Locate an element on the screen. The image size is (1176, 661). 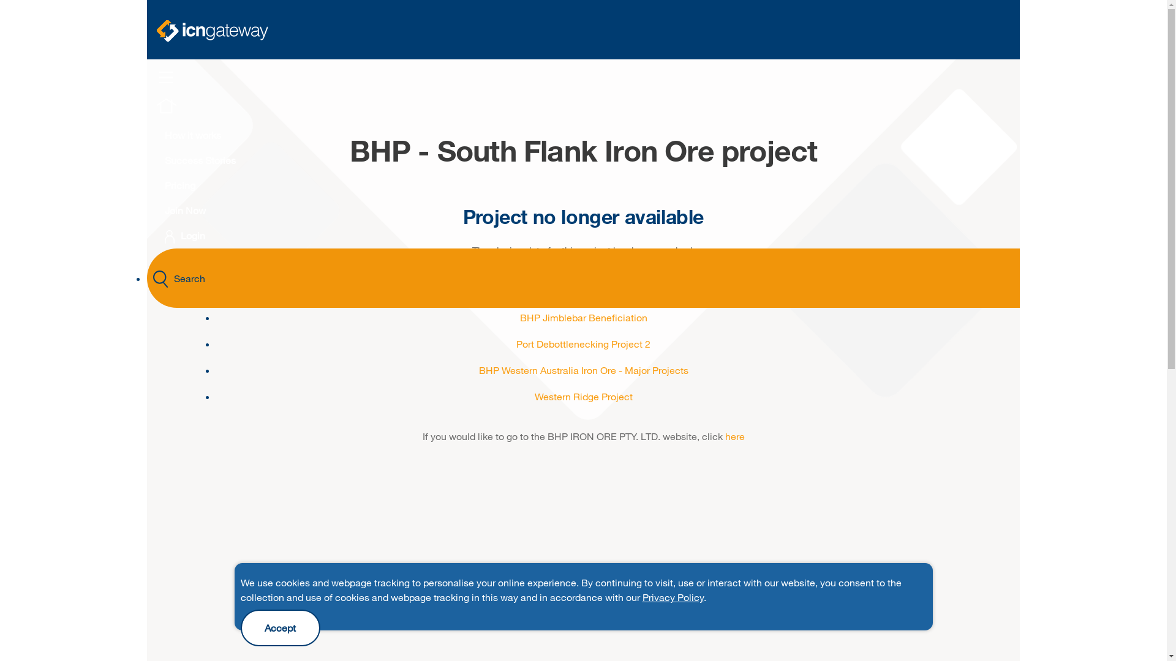
'Join Now' is located at coordinates (184, 209).